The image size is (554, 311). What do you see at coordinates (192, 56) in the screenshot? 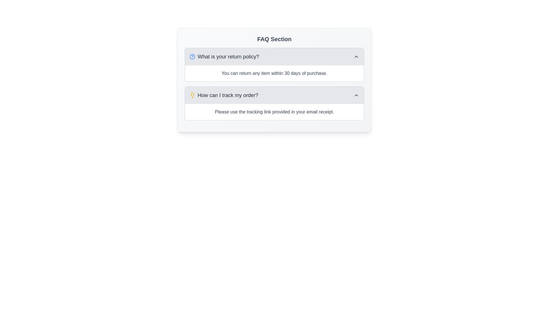
I see `the help icon located to the left of the text 'What is your return policy?' within the FAQ section` at bounding box center [192, 56].